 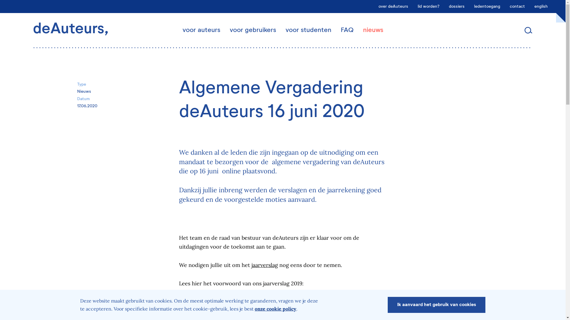 I want to click on 'dossiers', so click(x=456, y=7).